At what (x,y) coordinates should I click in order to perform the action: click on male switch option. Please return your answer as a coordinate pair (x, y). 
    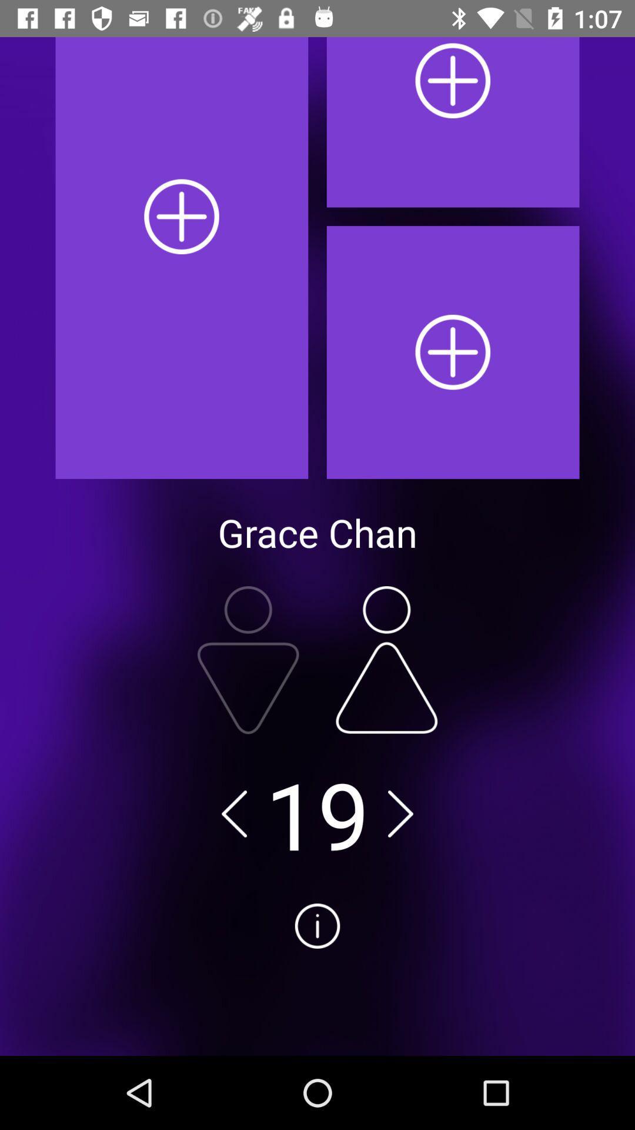
    Looking at the image, I should click on (248, 660).